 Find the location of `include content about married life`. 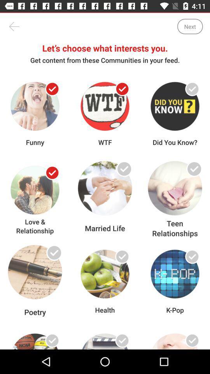

include content about married life is located at coordinates (122, 173).